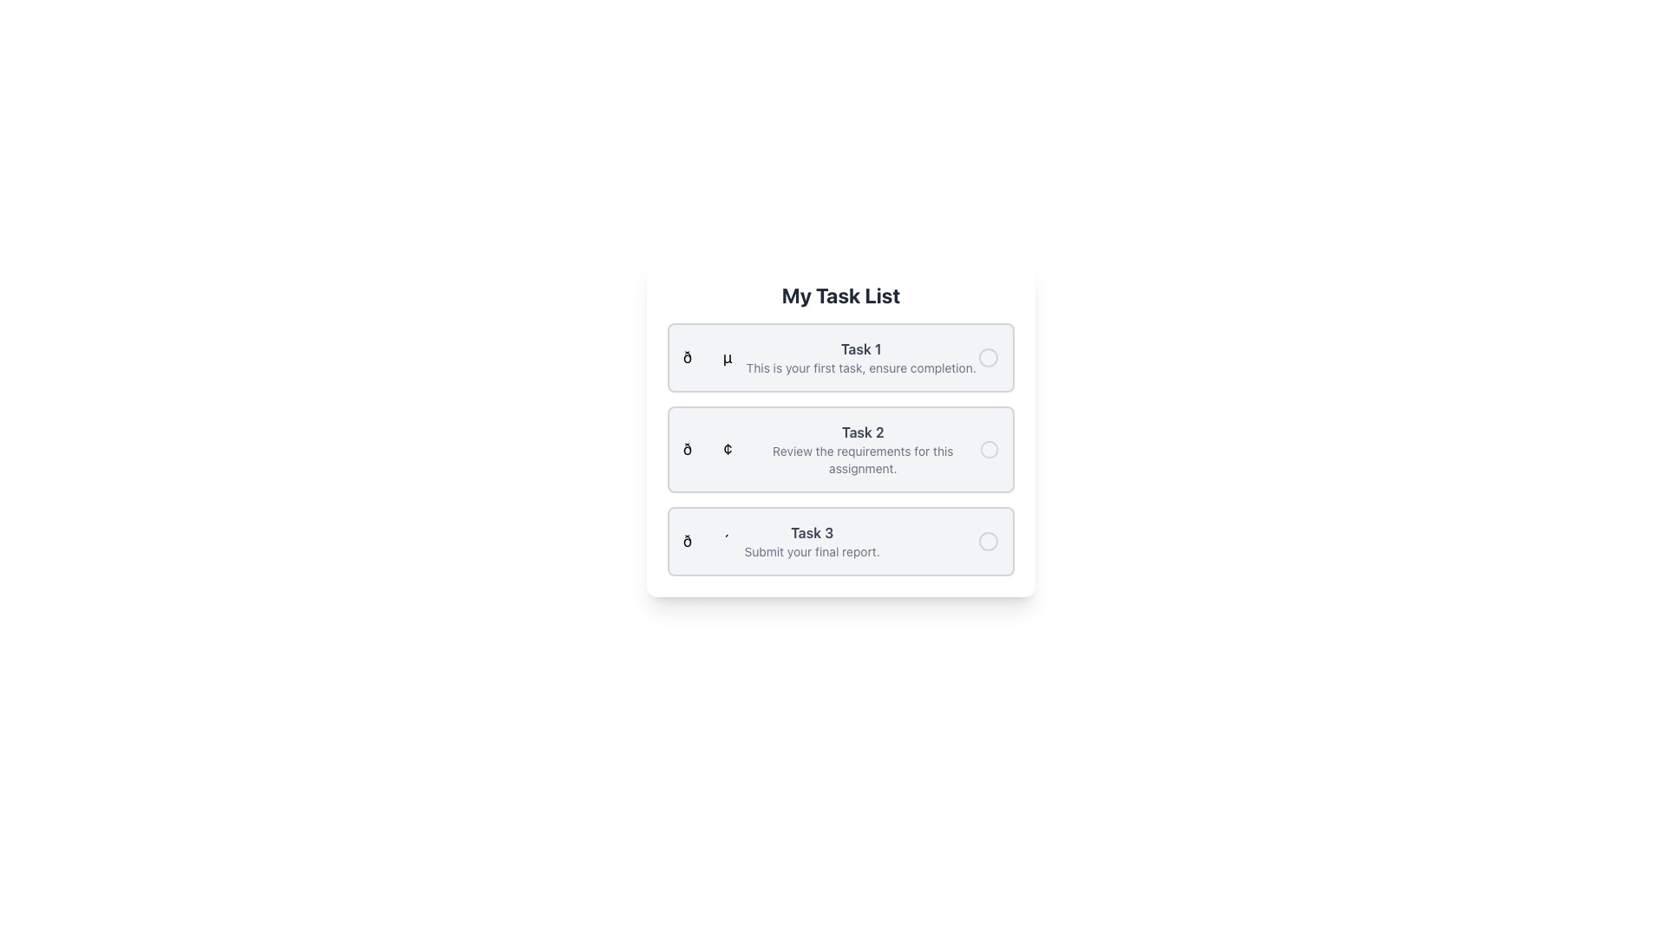 The width and height of the screenshot is (1665, 936). What do you see at coordinates (861, 348) in the screenshot?
I see `the text label that serves as the title for the first task in the list, positioned near the top left corner under 'My Task List'` at bounding box center [861, 348].